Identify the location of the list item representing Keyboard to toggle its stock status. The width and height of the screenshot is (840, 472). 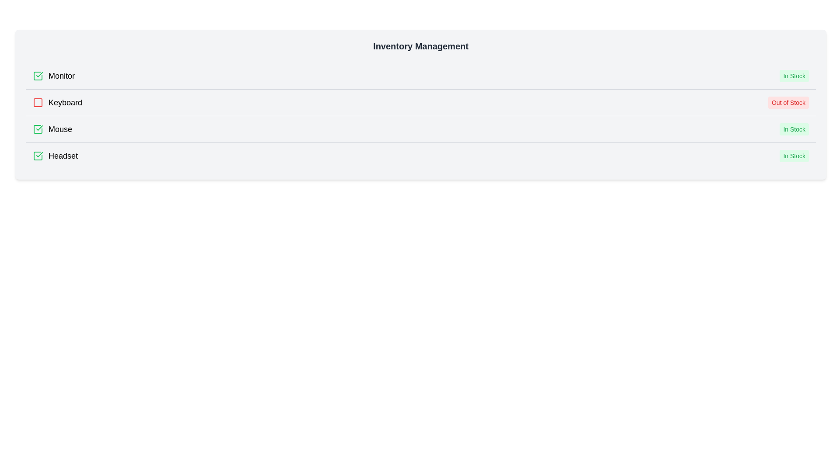
(420, 102).